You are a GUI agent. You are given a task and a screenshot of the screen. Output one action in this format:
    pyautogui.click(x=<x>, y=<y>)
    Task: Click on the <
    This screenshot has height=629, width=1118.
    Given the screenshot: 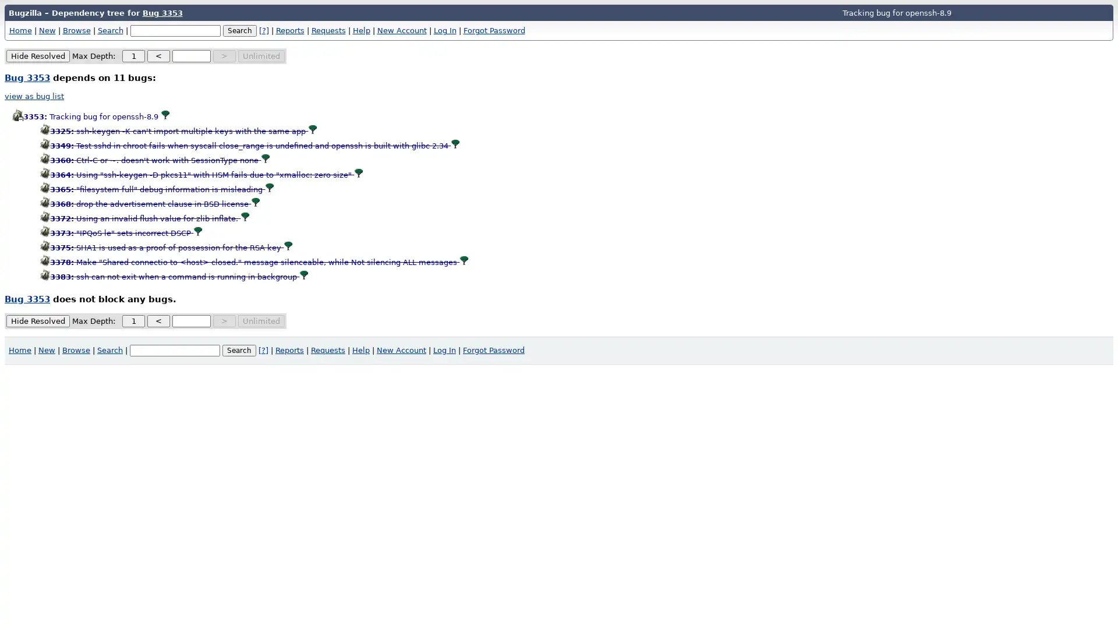 What is the action you would take?
    pyautogui.click(x=158, y=320)
    